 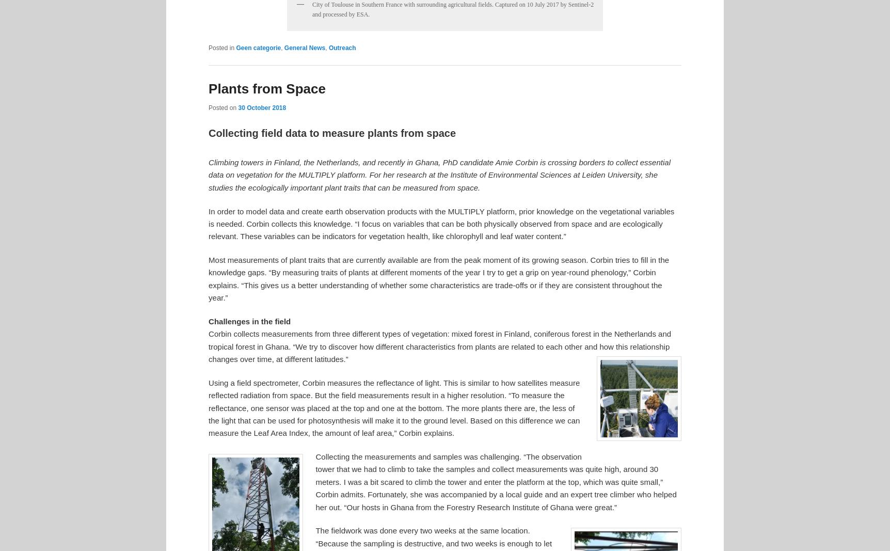 I want to click on 'Collecting field data to measure plants from space', so click(x=332, y=133).